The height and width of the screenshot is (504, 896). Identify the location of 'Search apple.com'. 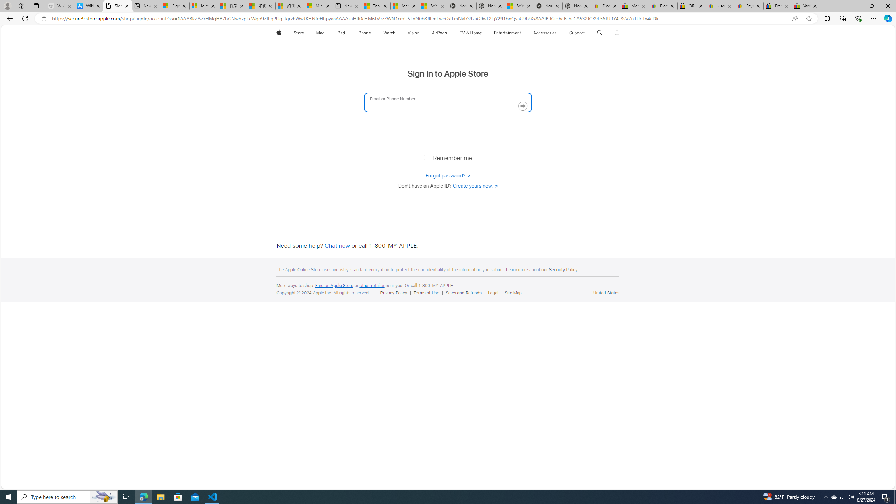
(599, 33).